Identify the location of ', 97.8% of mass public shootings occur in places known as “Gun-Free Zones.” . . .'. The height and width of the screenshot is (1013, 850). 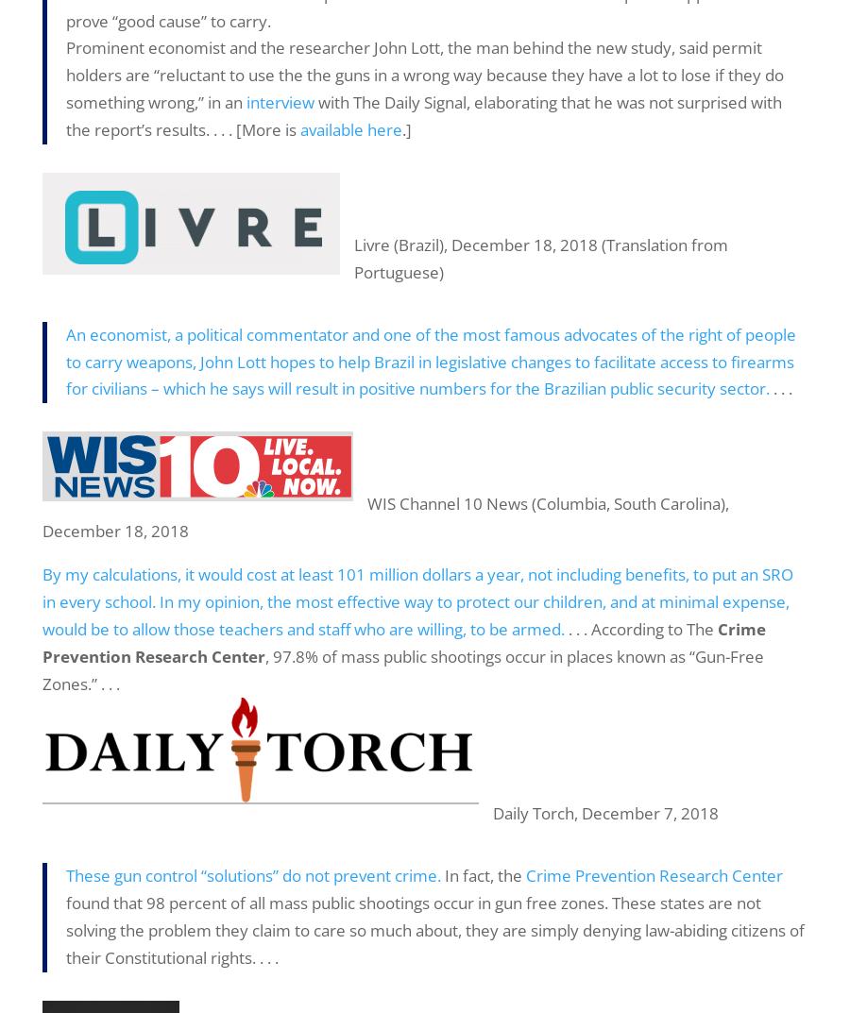
(402, 669).